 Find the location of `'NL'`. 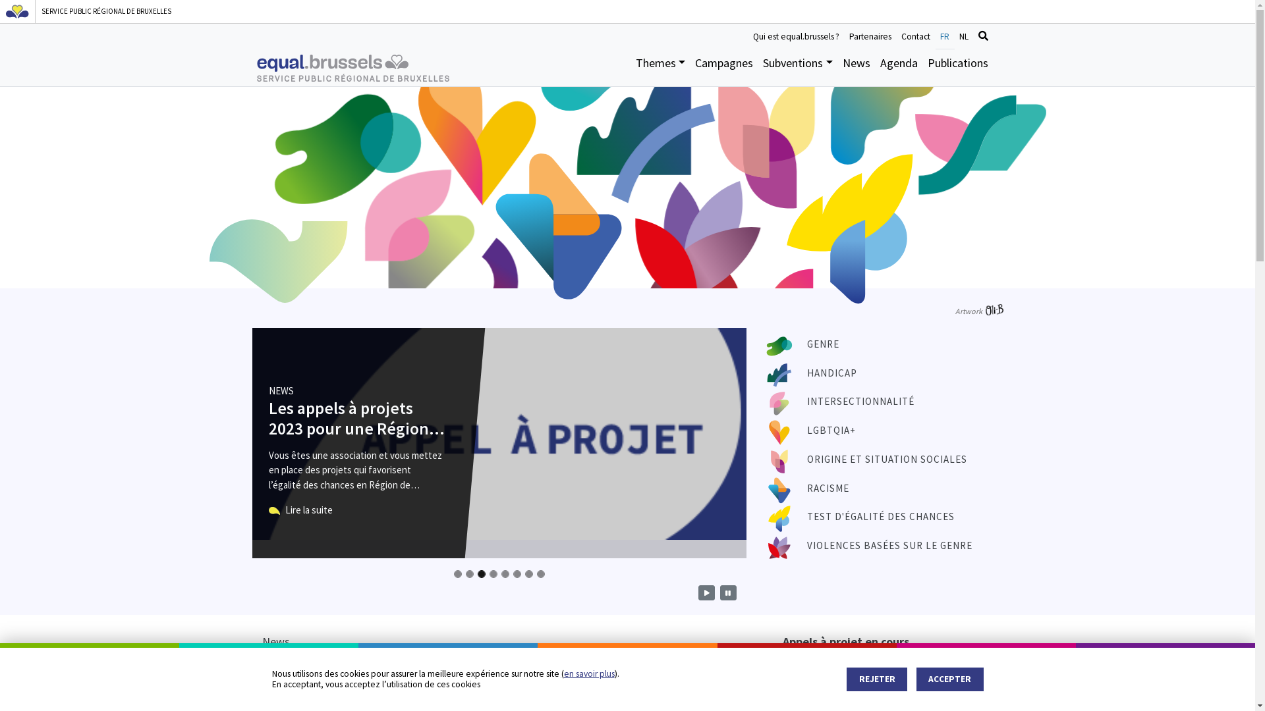

'NL' is located at coordinates (963, 35).